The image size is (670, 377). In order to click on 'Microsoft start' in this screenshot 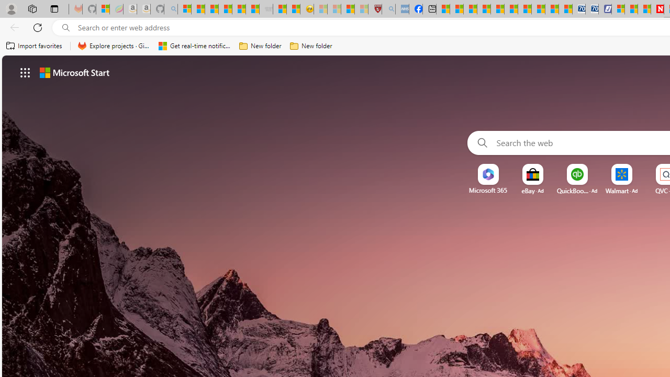, I will do `click(74, 72)`.